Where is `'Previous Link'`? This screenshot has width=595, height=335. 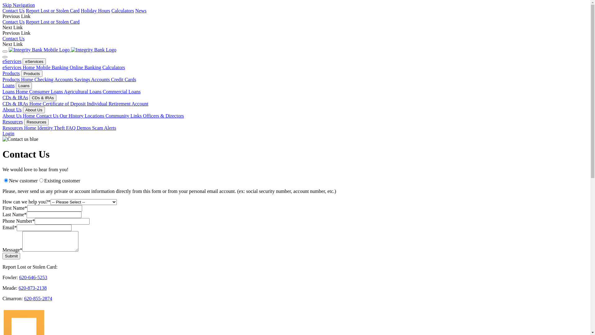 'Previous Link' is located at coordinates (16, 33).